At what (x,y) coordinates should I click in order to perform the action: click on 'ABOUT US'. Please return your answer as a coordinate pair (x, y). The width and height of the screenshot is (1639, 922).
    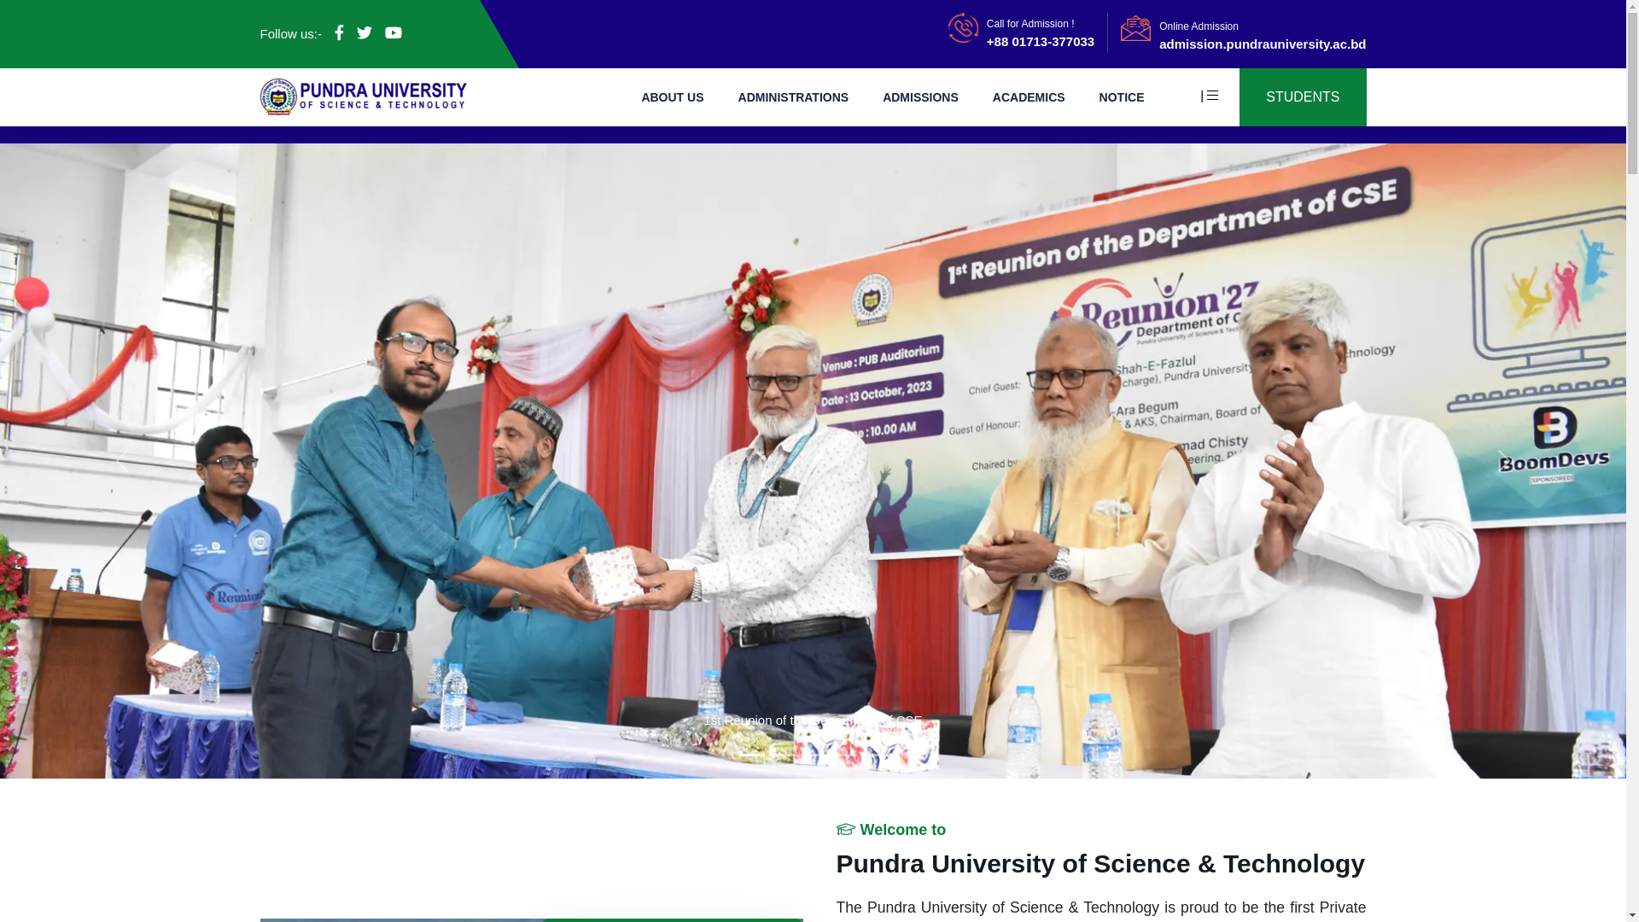
    Looking at the image, I should click on (639, 96).